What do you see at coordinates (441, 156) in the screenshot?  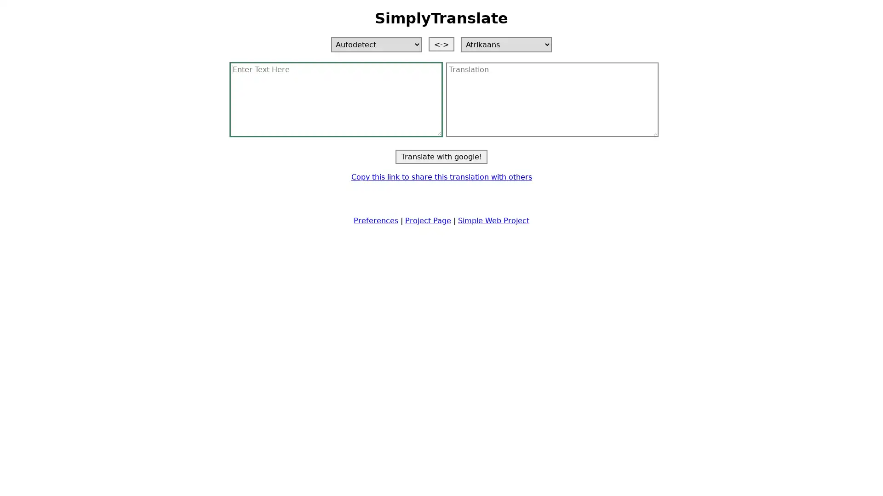 I see `Translate with google!` at bounding box center [441, 156].